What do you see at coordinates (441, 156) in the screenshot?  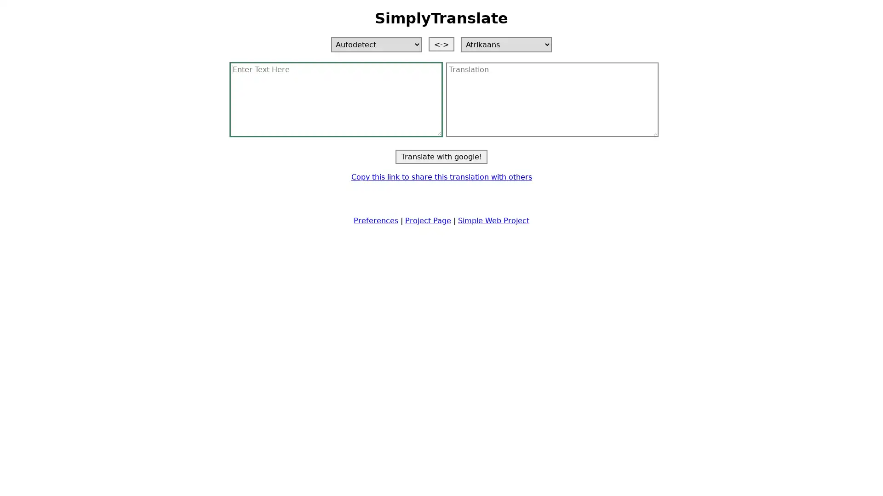 I see `Translate with google!` at bounding box center [441, 156].